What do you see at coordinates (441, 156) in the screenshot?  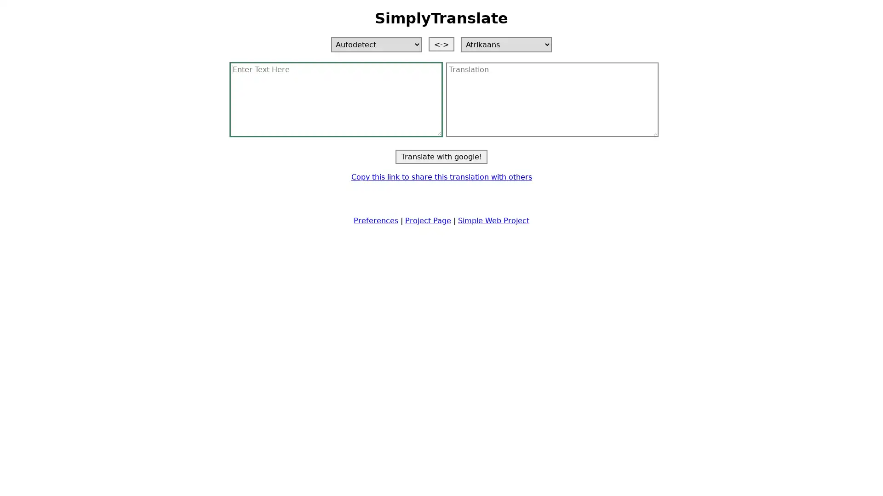 I see `Translate with google!` at bounding box center [441, 156].